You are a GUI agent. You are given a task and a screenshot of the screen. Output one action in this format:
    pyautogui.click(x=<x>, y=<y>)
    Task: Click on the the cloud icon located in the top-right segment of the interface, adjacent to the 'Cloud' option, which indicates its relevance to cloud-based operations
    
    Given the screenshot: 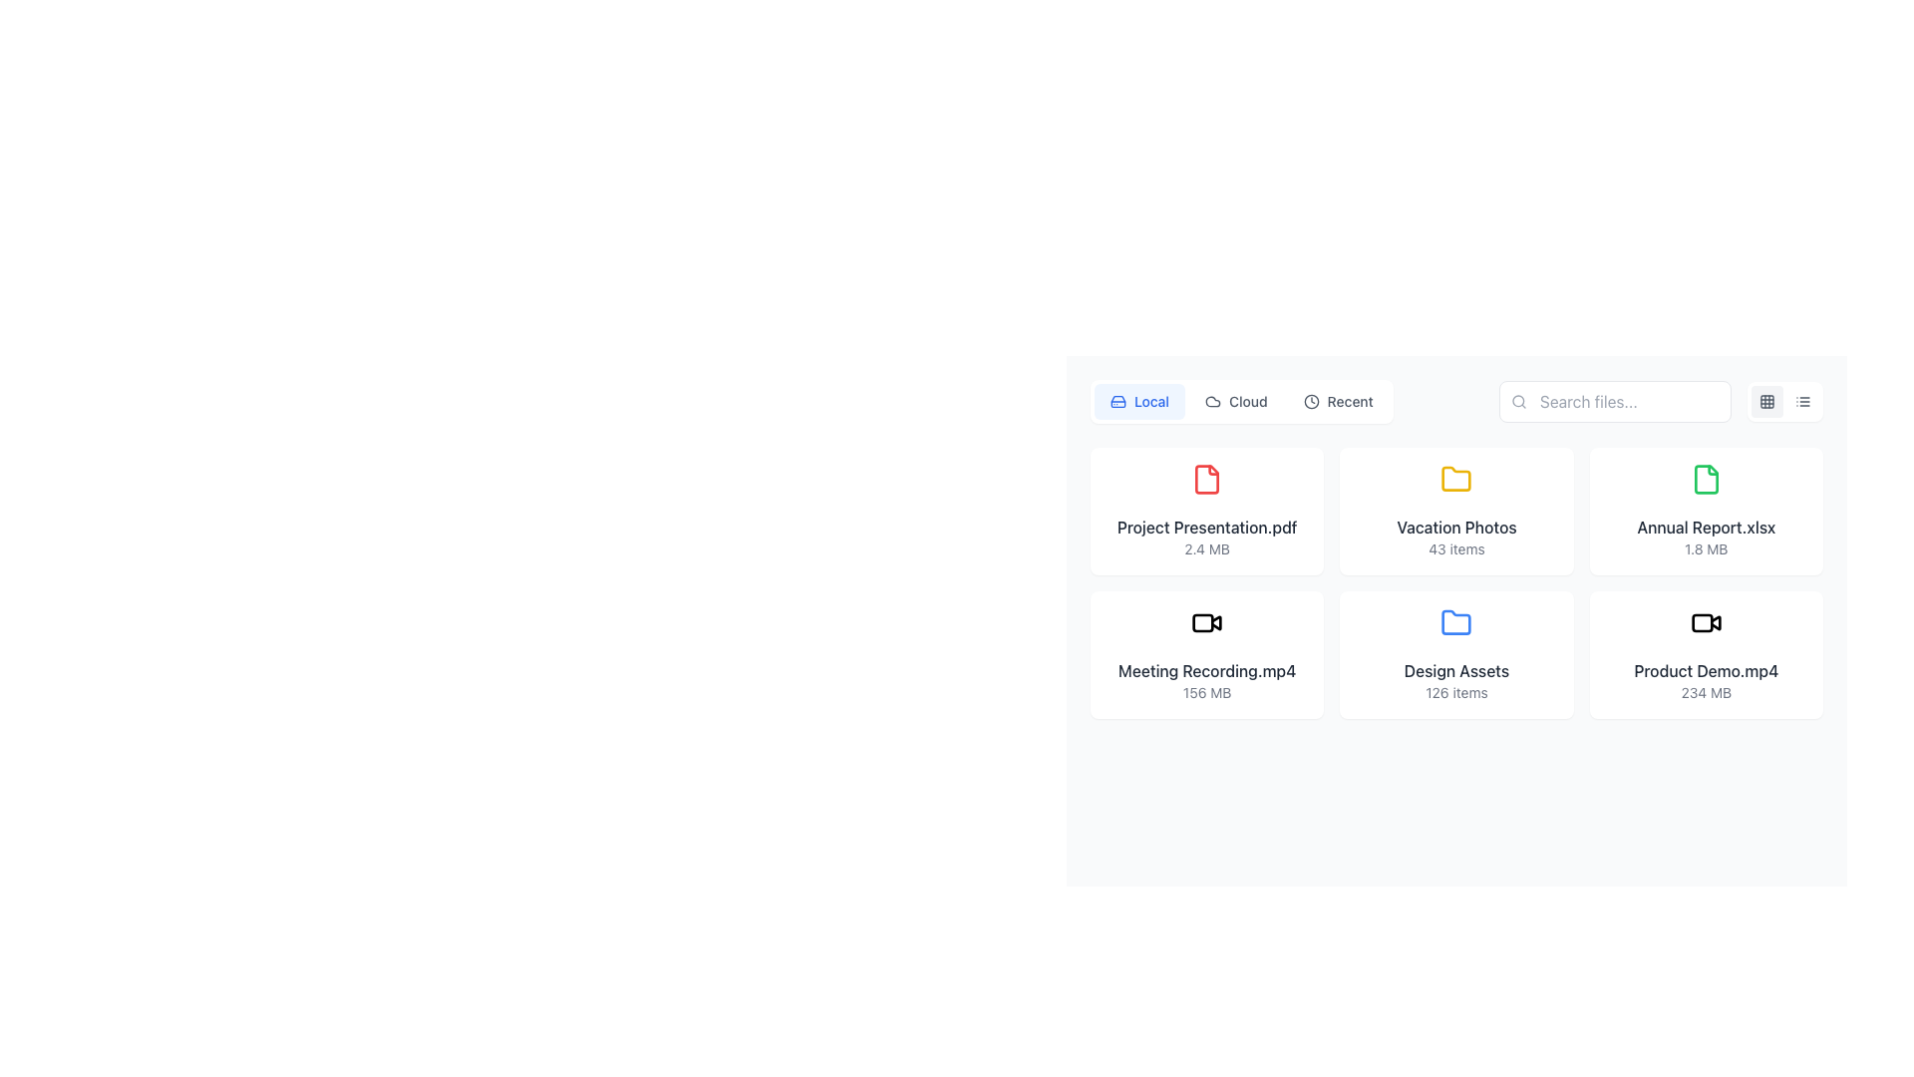 What is the action you would take?
    pyautogui.click(x=1212, y=401)
    